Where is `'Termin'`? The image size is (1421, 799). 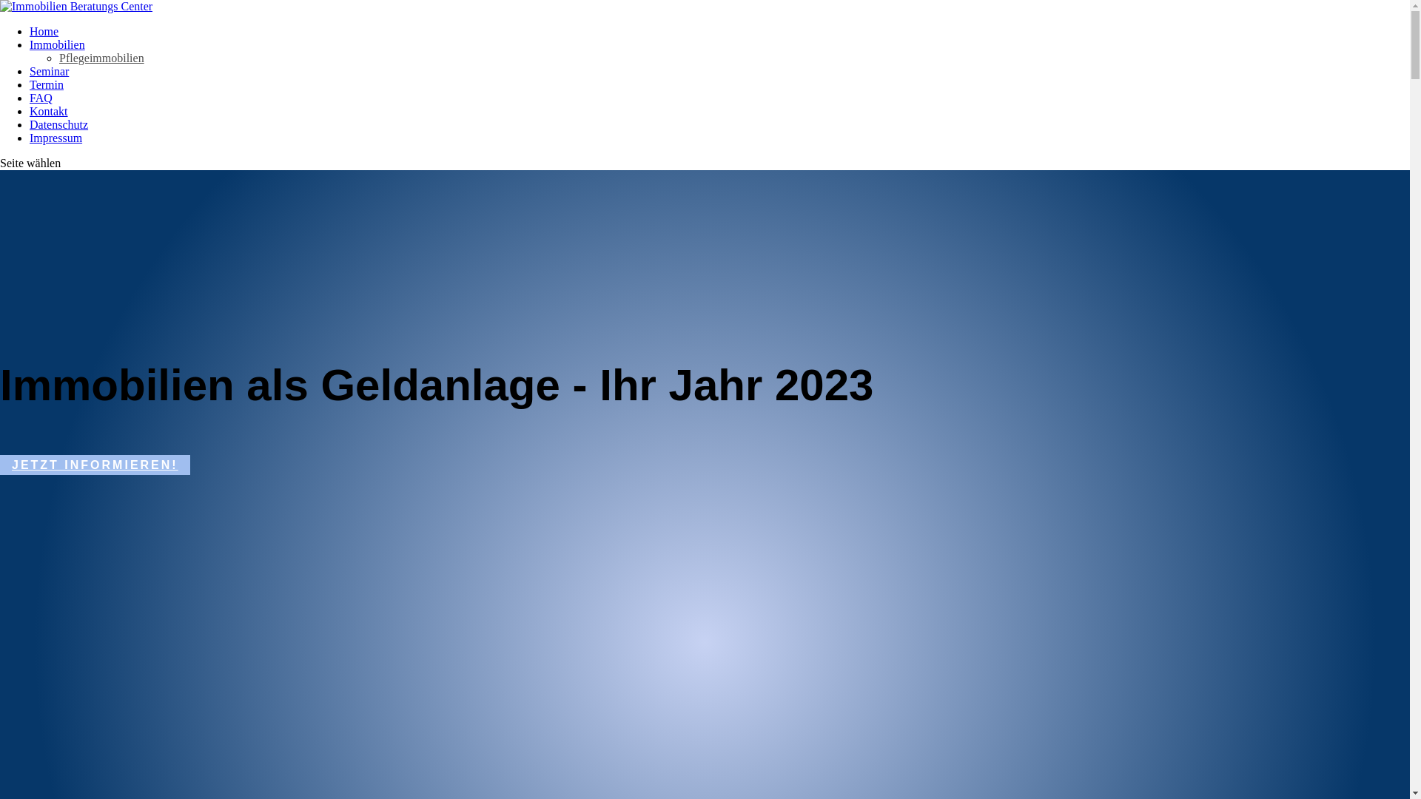 'Termin' is located at coordinates (46, 84).